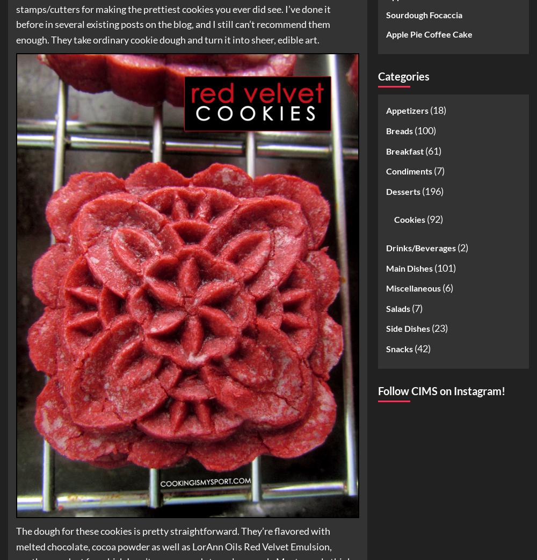 The width and height of the screenshot is (537, 560). I want to click on 'Snacks', so click(399, 347).